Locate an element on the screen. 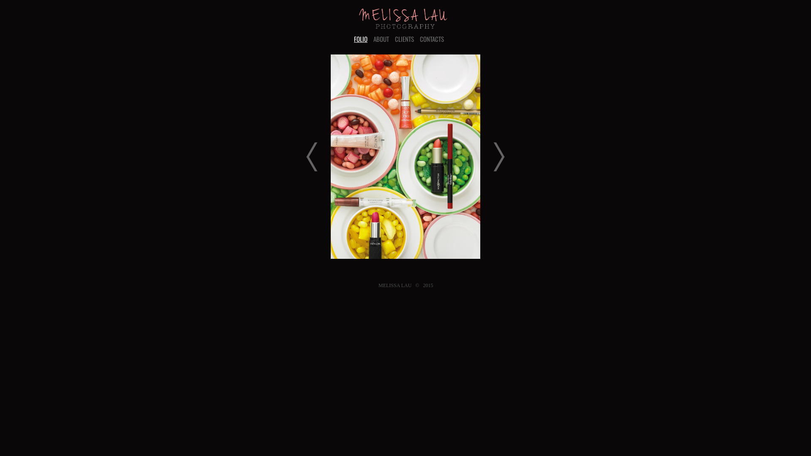  'FOLIO' is located at coordinates (361, 39).